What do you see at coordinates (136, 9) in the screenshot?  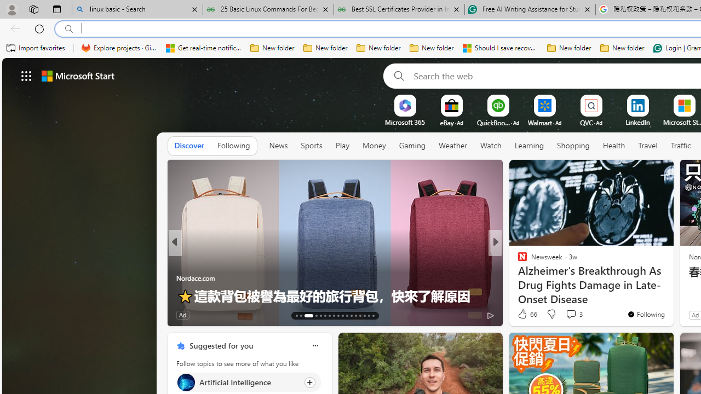 I see `'linux basic - Search'` at bounding box center [136, 9].